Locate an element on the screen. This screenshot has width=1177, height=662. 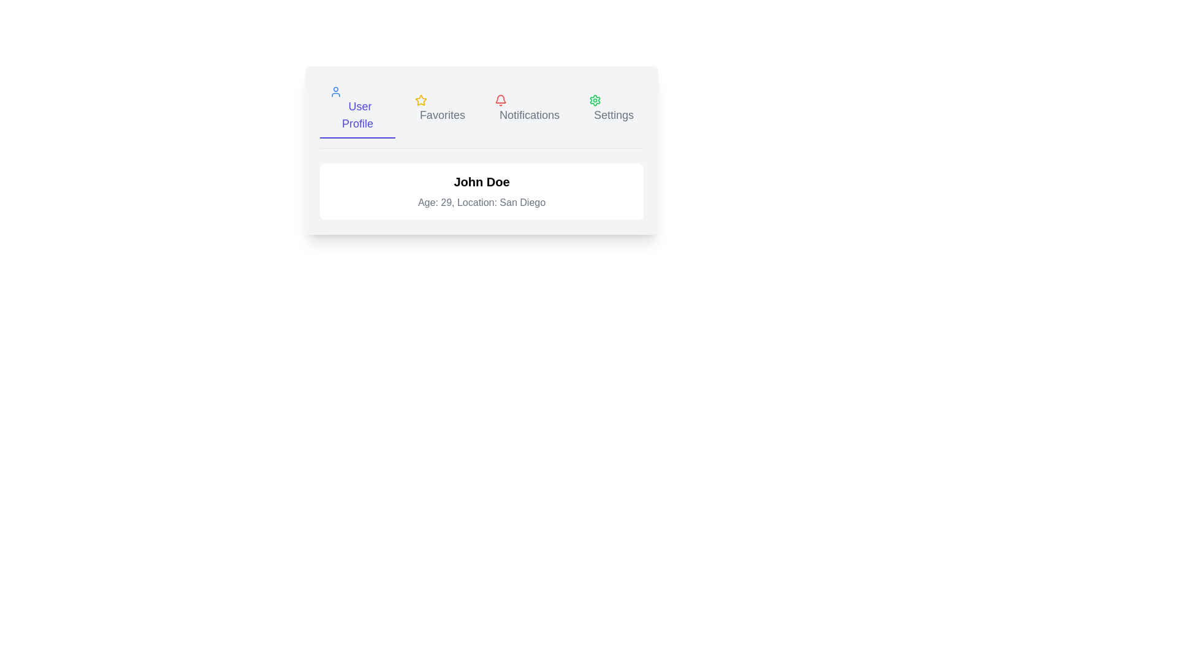
the 'Notifications' button, which features a red bell icon and a gray text label is located at coordinates (527, 108).